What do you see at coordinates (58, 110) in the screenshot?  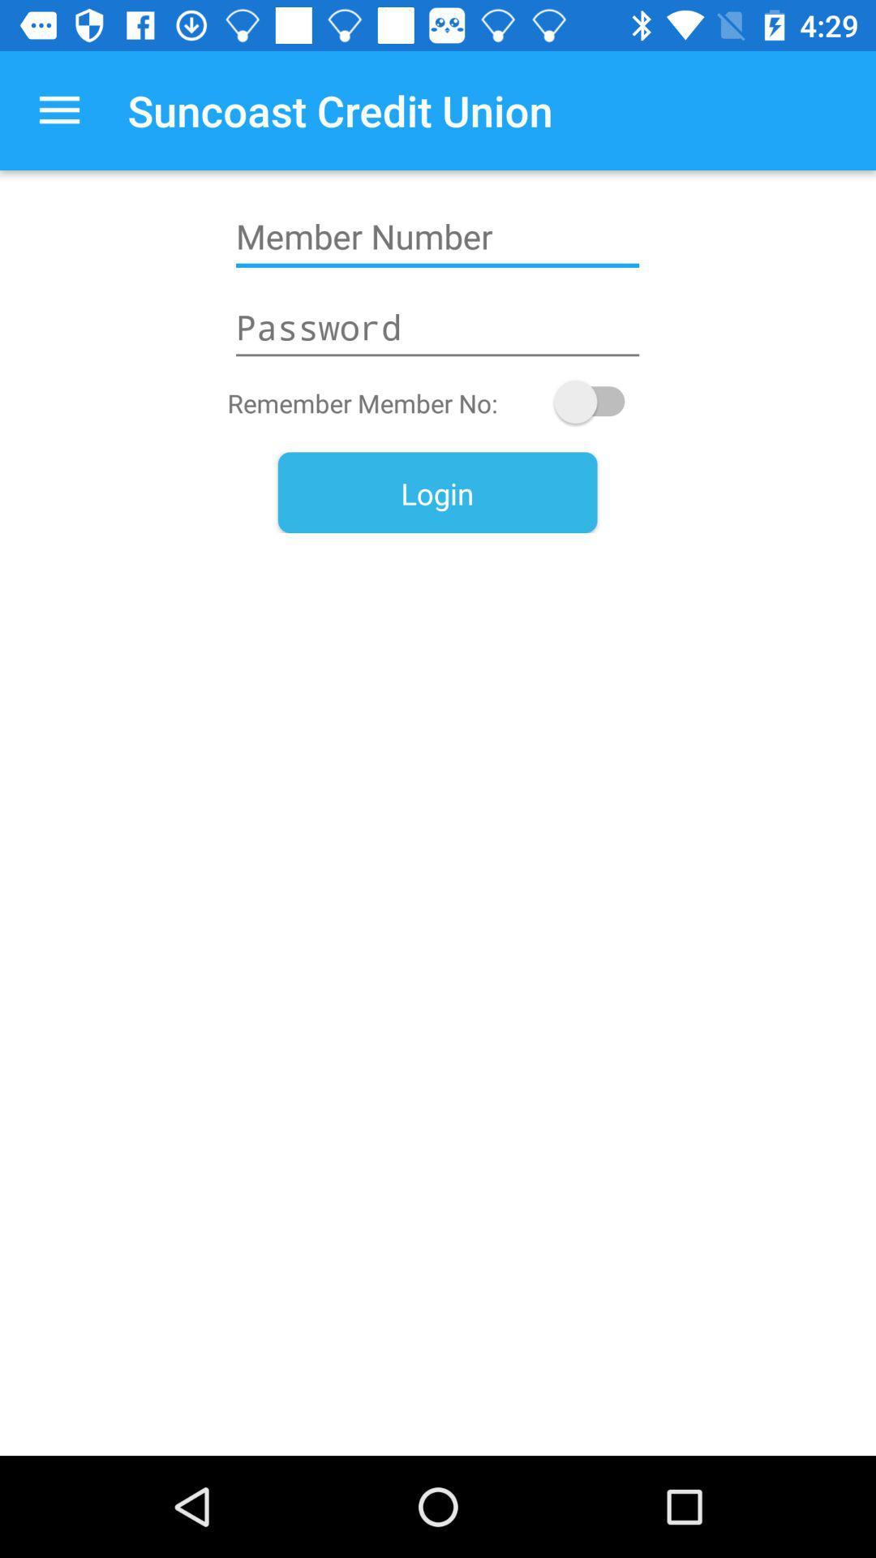 I see `the icon at the top left corner` at bounding box center [58, 110].